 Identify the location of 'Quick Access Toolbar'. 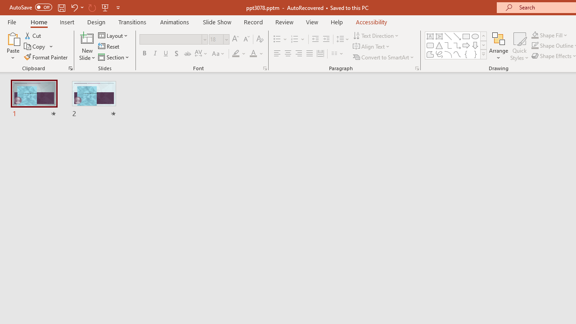
(65, 7).